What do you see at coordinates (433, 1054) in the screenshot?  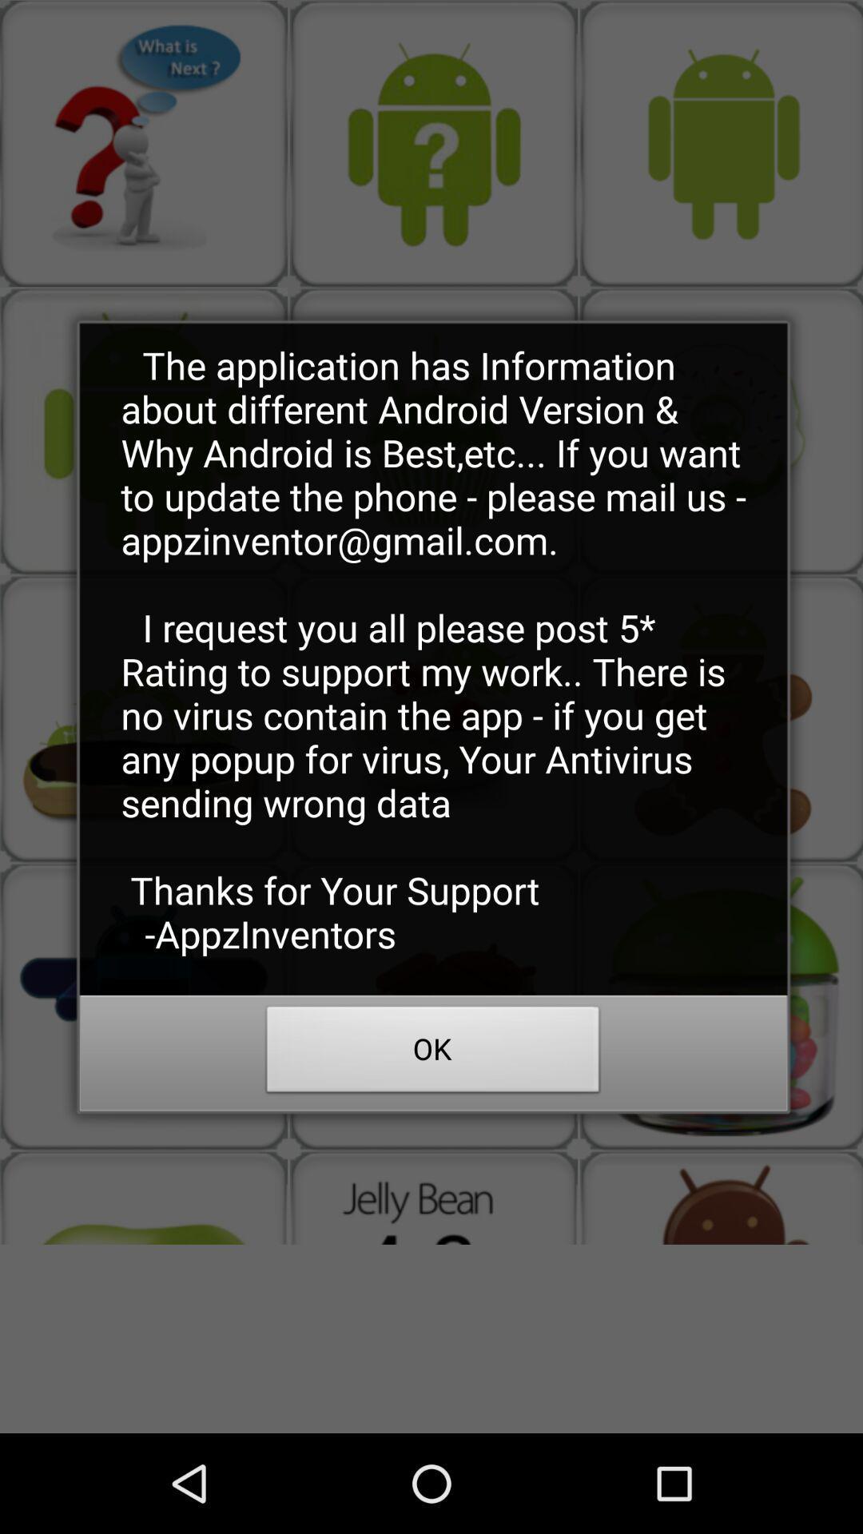 I see `ok button` at bounding box center [433, 1054].